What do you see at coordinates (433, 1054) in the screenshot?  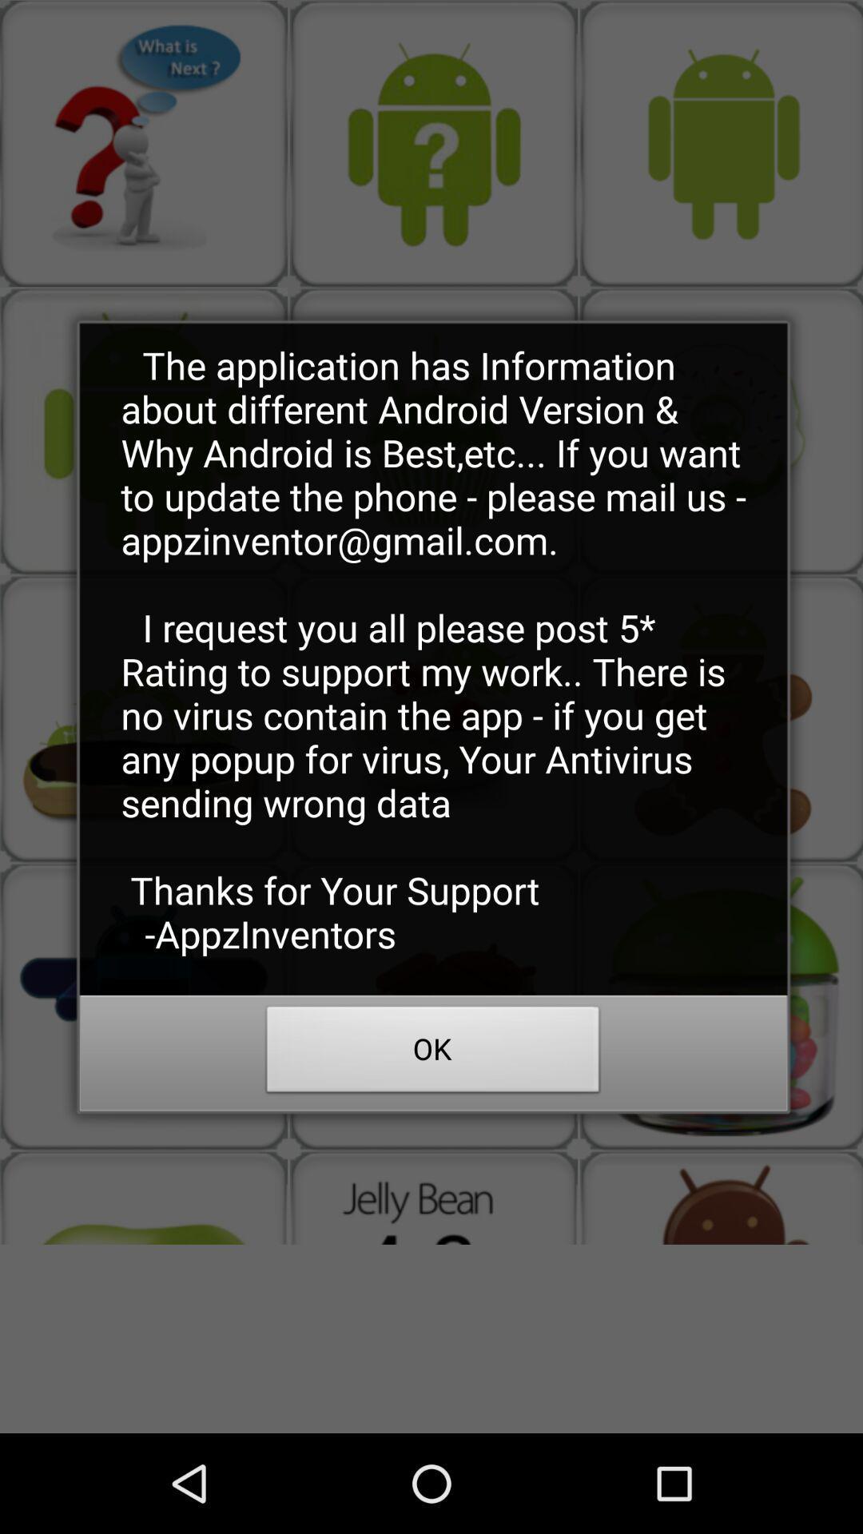 I see `ok button` at bounding box center [433, 1054].